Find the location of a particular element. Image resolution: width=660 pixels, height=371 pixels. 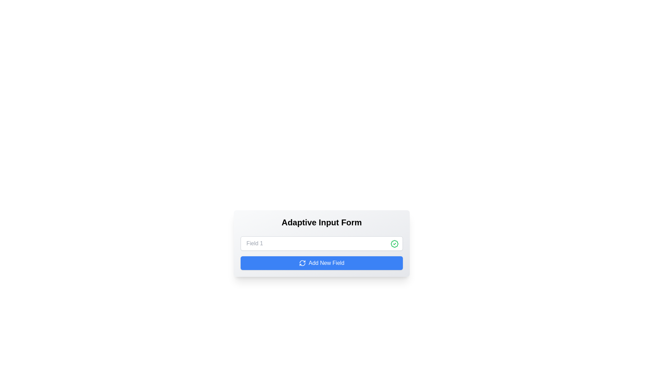

the decorative icon located within the blue button labeled 'Add New Field' at the bottom center of the interface is located at coordinates (302, 263).